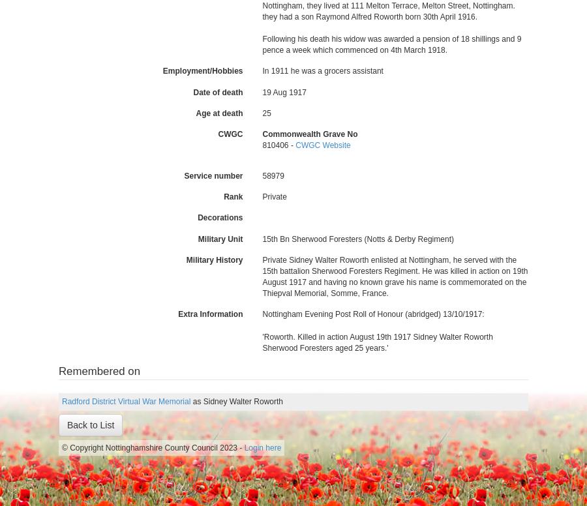  I want to click on 'Radford District Virtual  War Memorial', so click(126, 400).